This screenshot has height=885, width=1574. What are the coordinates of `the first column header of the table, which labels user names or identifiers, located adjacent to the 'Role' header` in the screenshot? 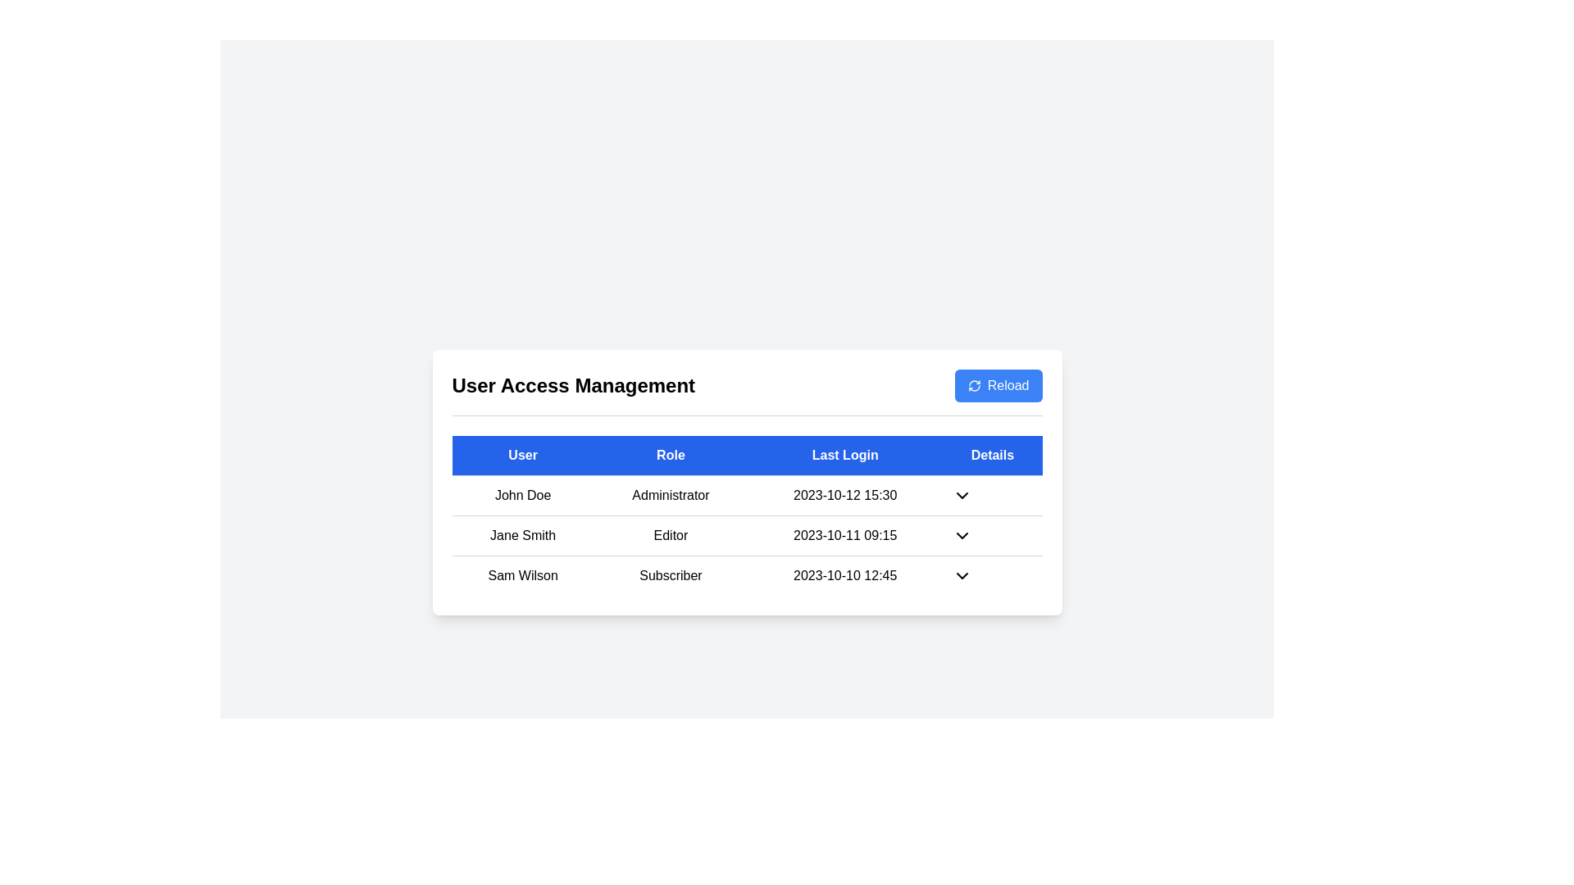 It's located at (522, 456).